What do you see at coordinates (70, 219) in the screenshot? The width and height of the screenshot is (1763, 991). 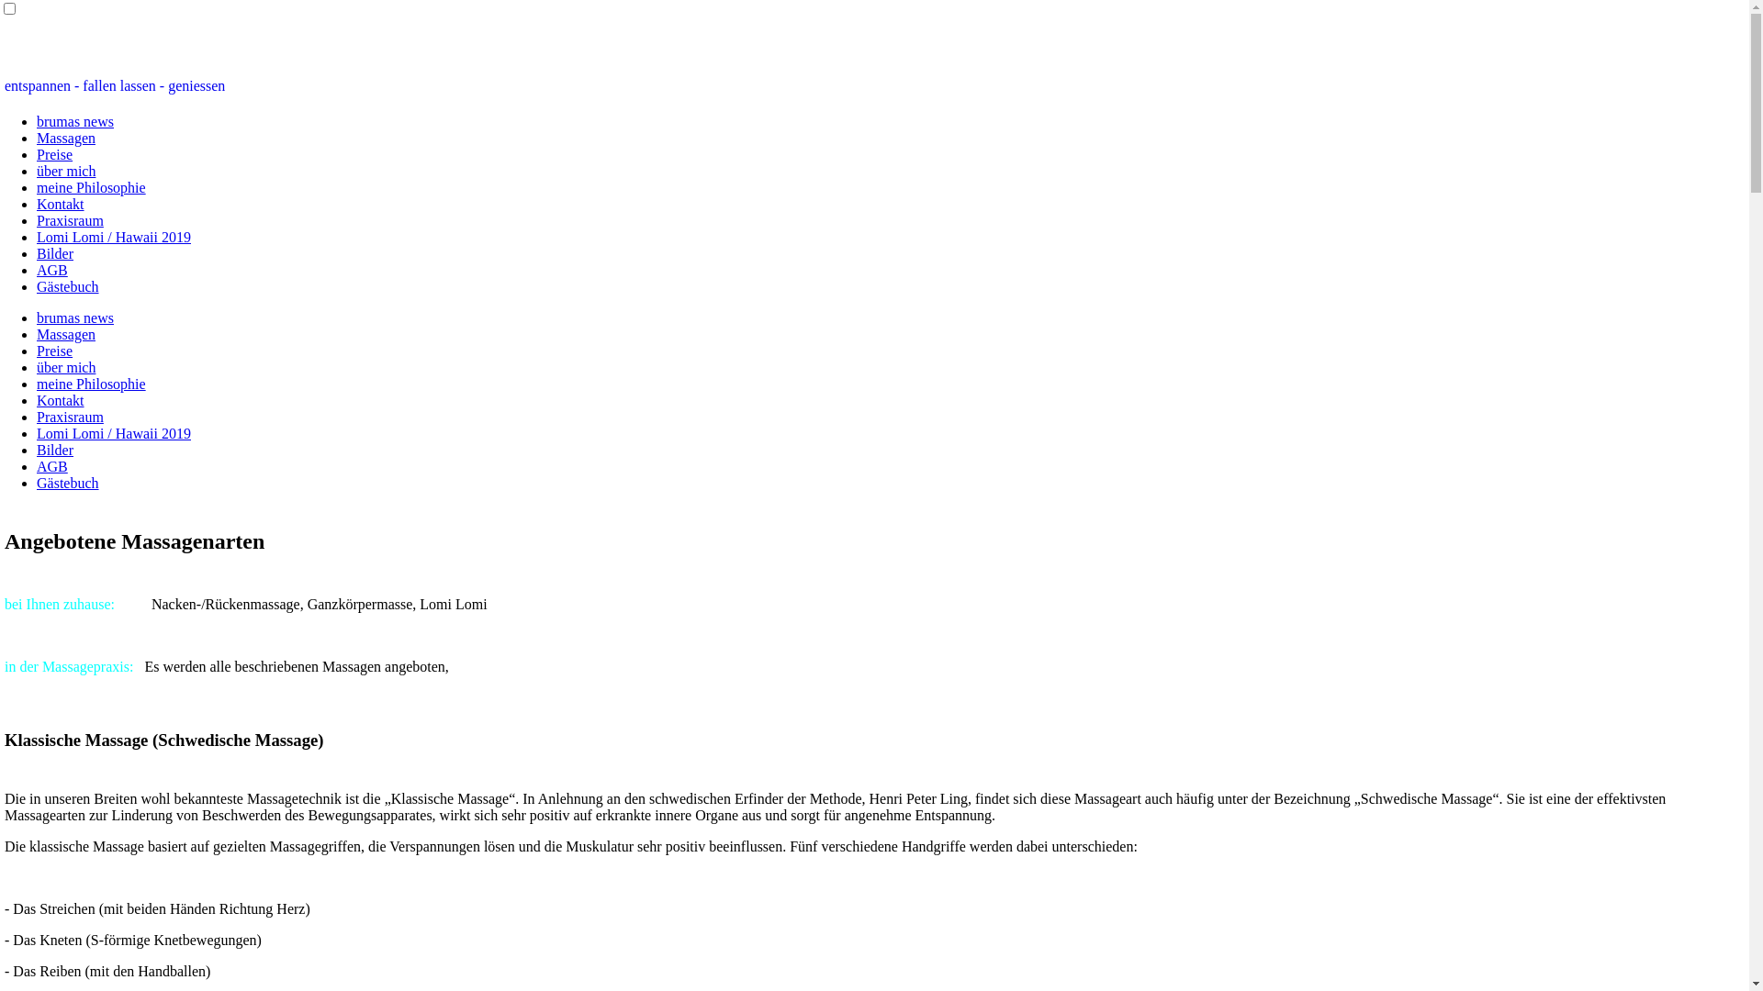 I see `'Praxisraum'` at bounding box center [70, 219].